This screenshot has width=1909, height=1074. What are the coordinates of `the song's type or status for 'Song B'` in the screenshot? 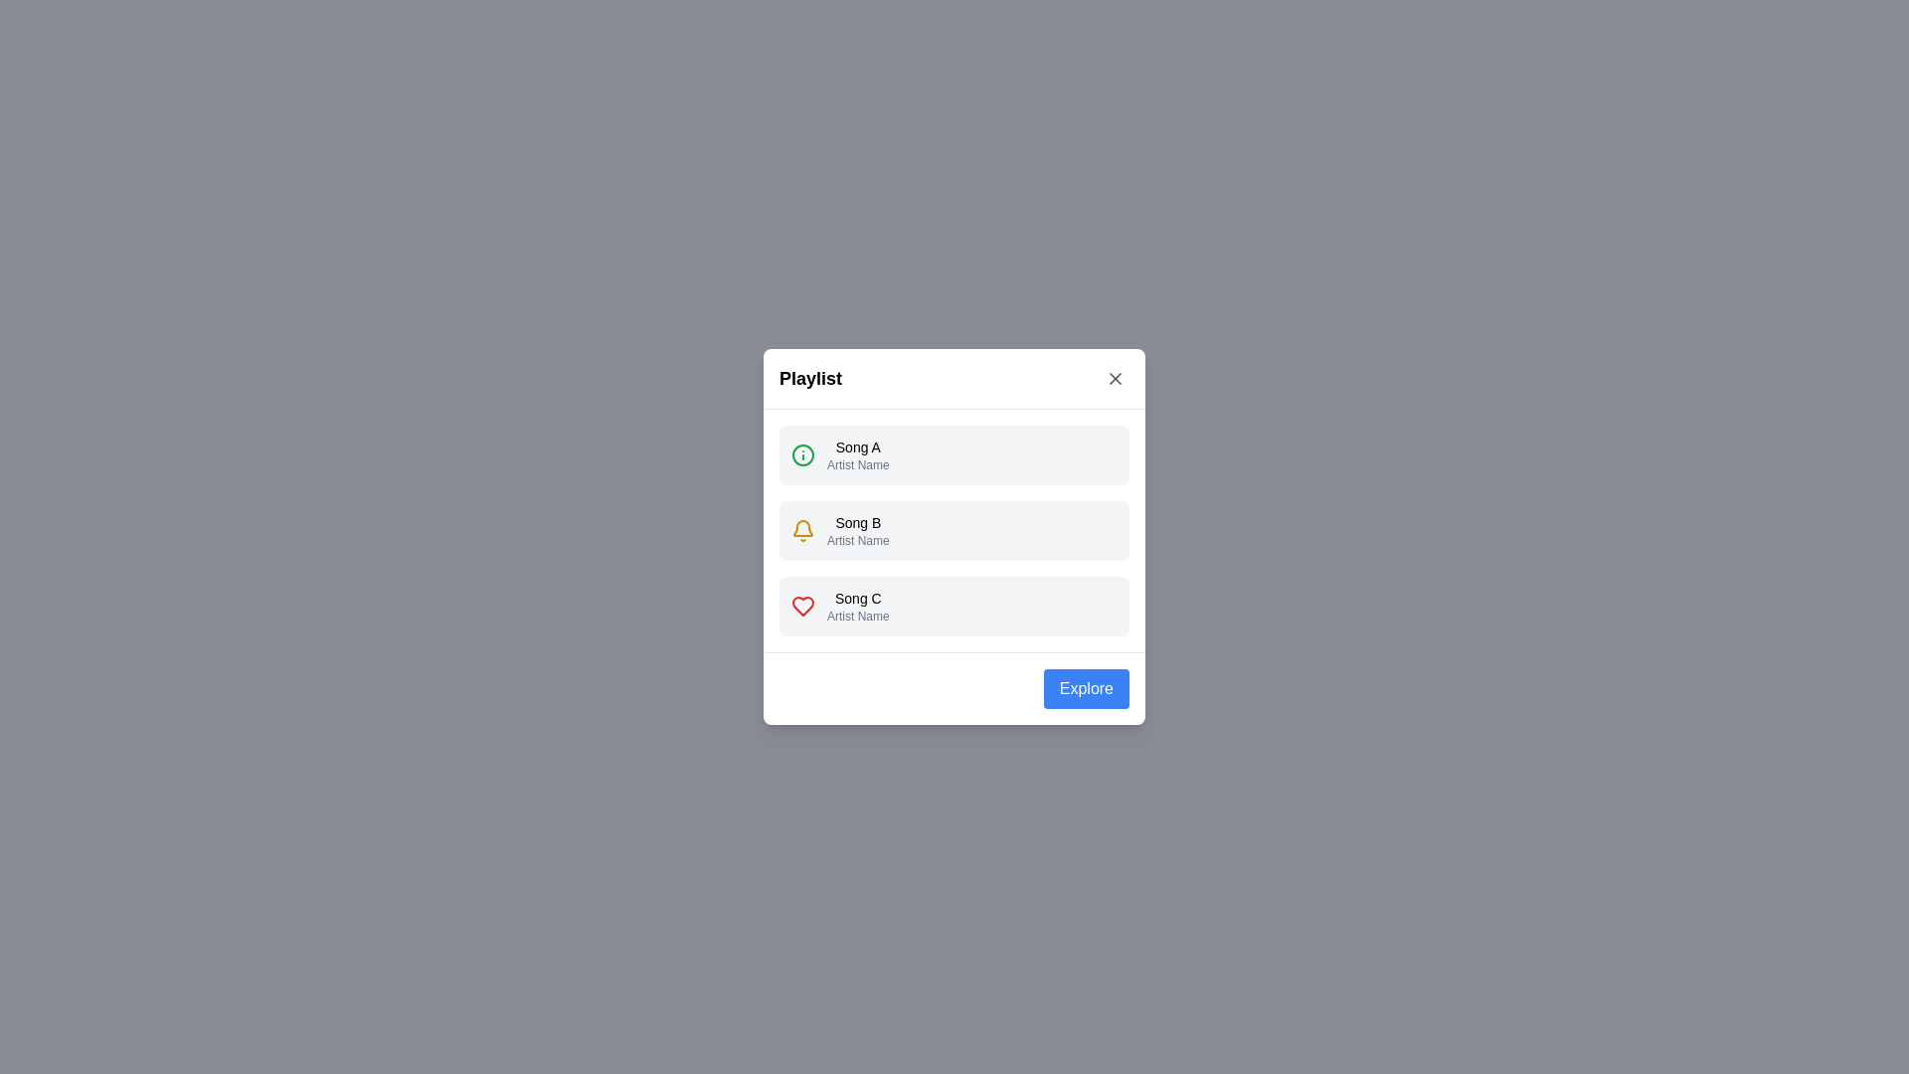 It's located at (954, 537).